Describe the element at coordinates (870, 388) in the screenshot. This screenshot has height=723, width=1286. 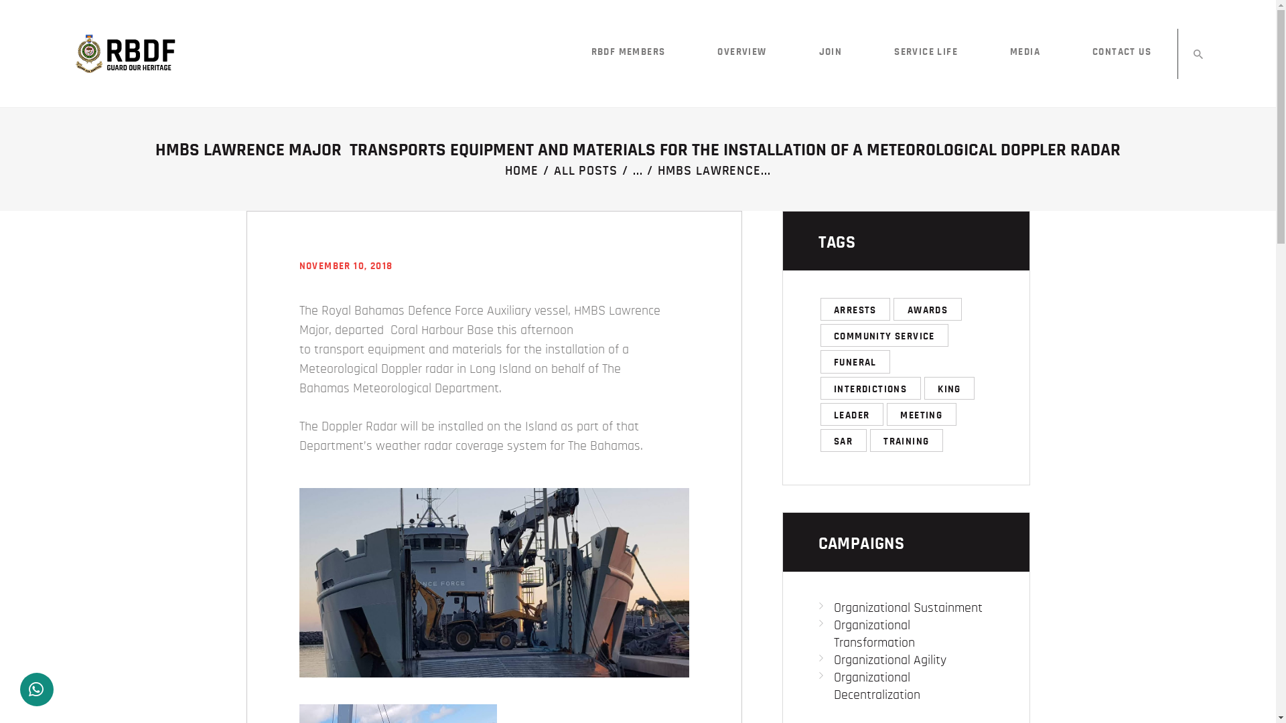
I see `'INTERDICTIONS'` at that location.